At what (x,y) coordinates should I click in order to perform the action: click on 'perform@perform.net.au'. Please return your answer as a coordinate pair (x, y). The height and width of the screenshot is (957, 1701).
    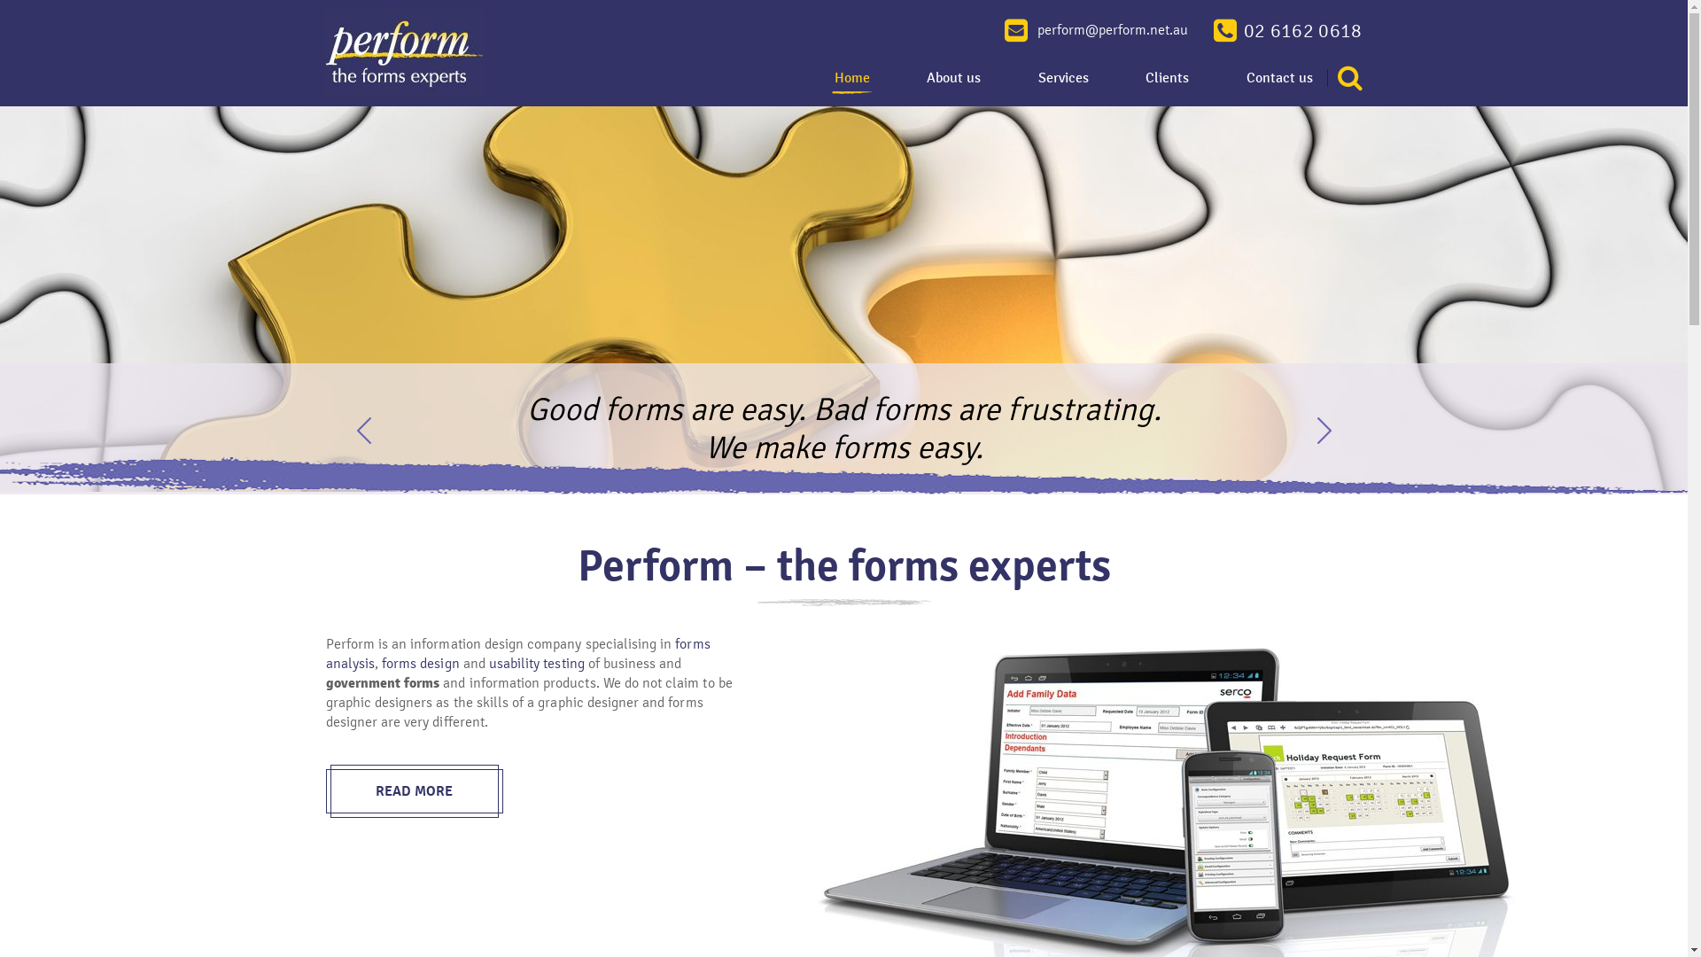
    Looking at the image, I should click on (1095, 29).